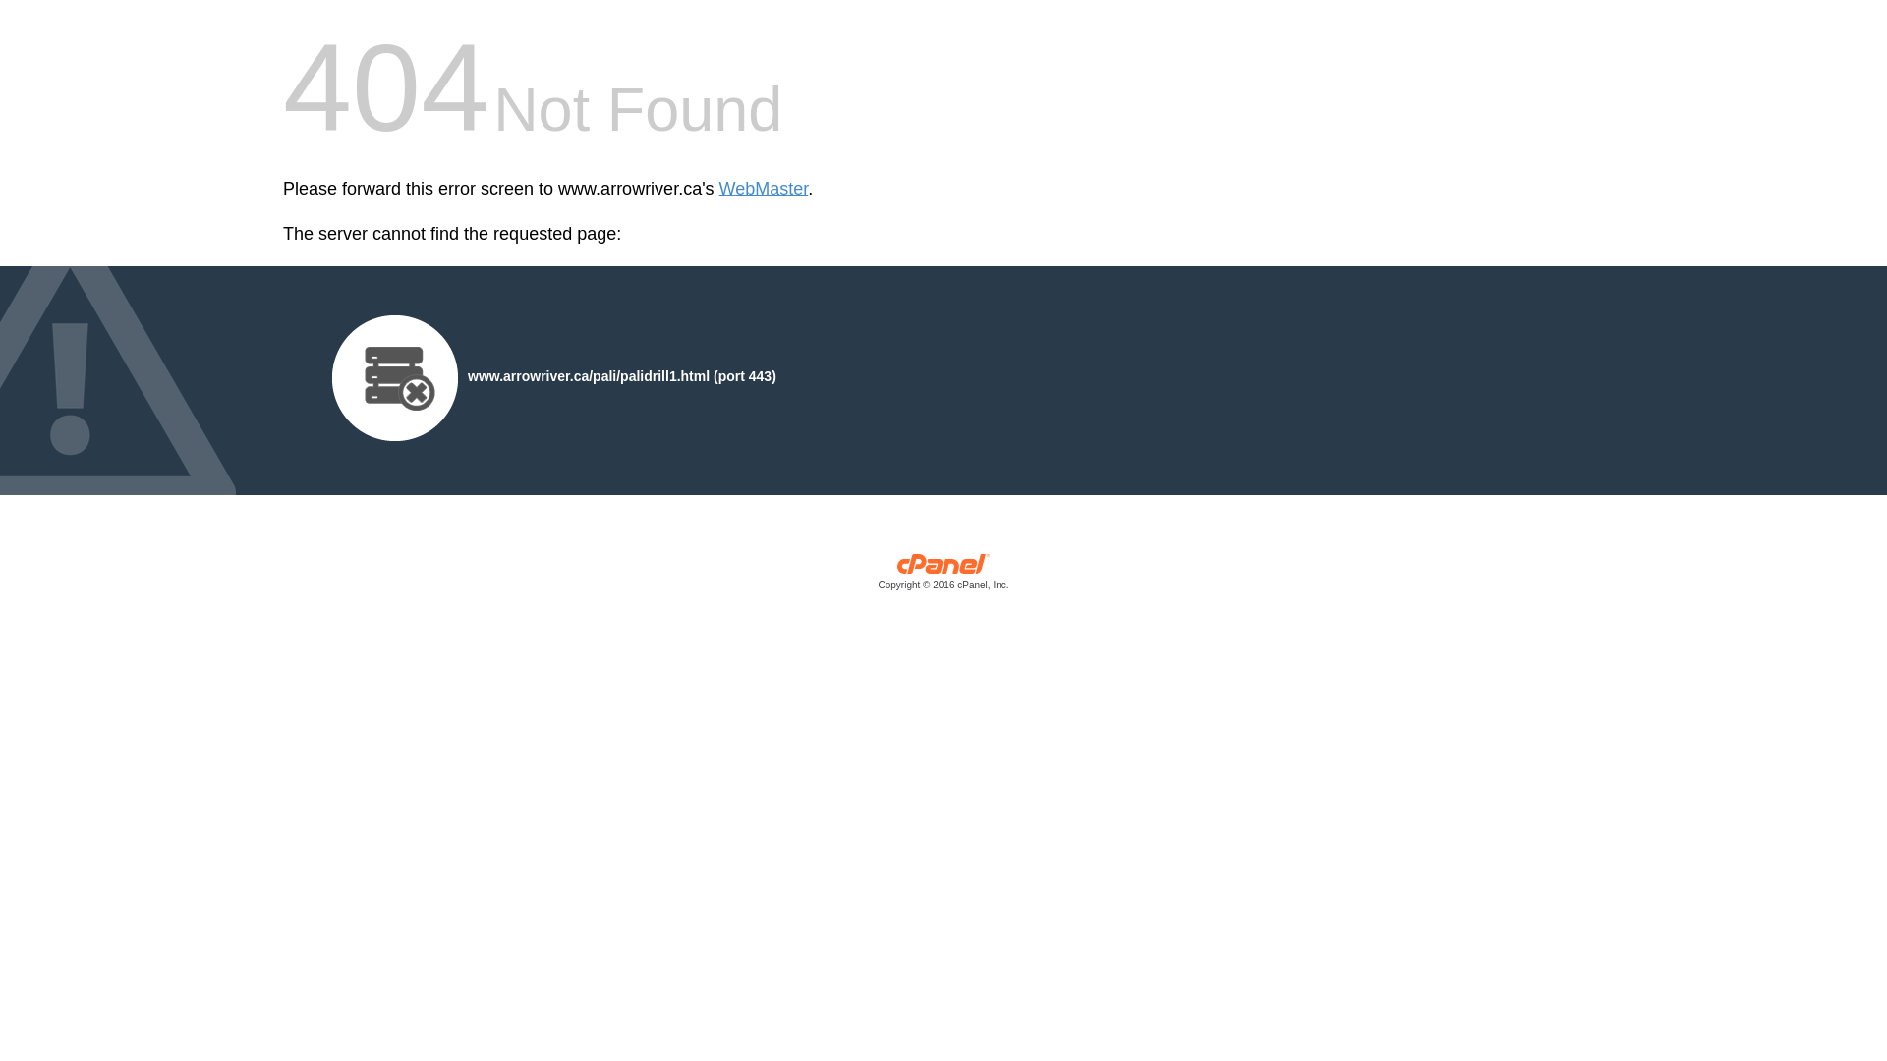 This screenshot has width=1887, height=1061. What do you see at coordinates (717, 189) in the screenshot?
I see `'WebMaster'` at bounding box center [717, 189].